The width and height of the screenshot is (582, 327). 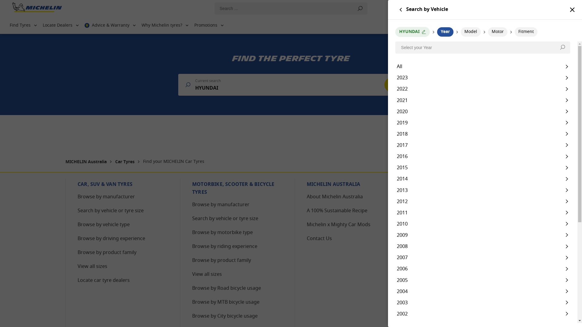 What do you see at coordinates (445, 32) in the screenshot?
I see `'Year'` at bounding box center [445, 32].